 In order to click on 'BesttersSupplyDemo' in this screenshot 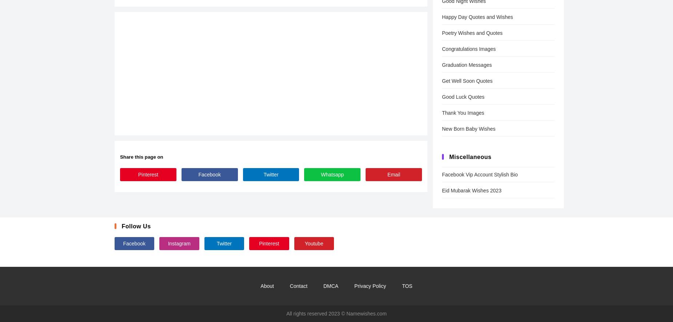, I will do `click(114, 201)`.